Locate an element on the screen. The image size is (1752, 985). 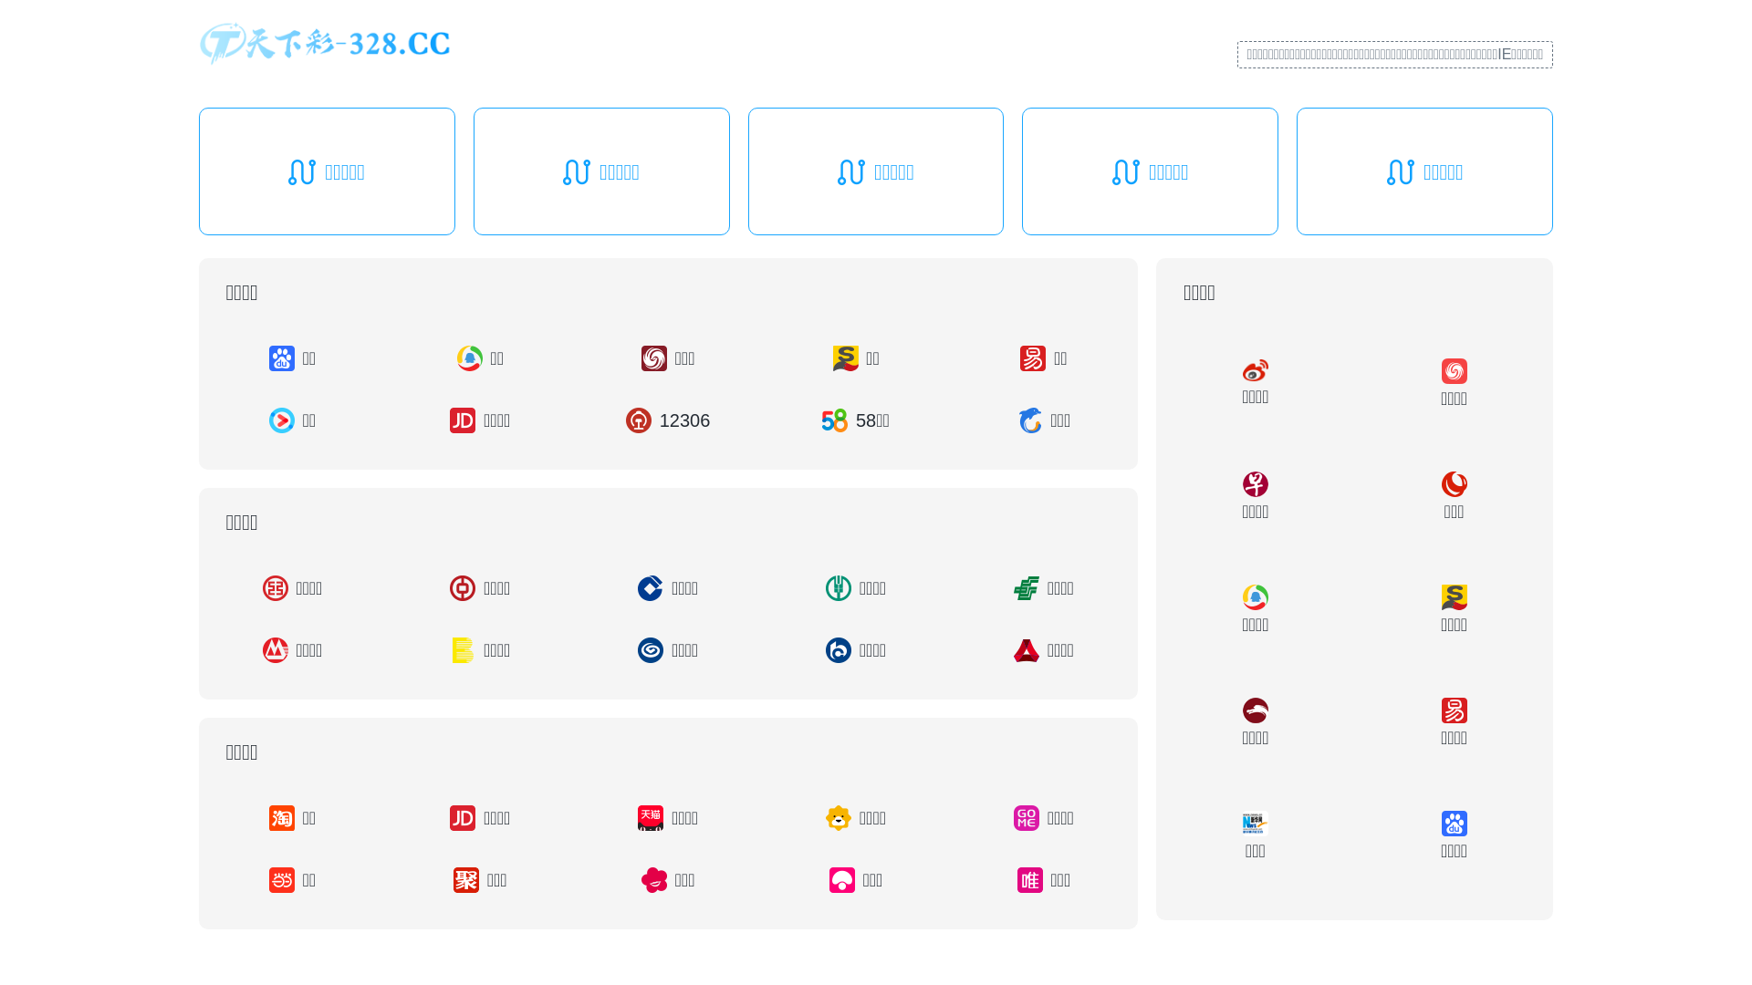
'12306' is located at coordinates (666, 420).